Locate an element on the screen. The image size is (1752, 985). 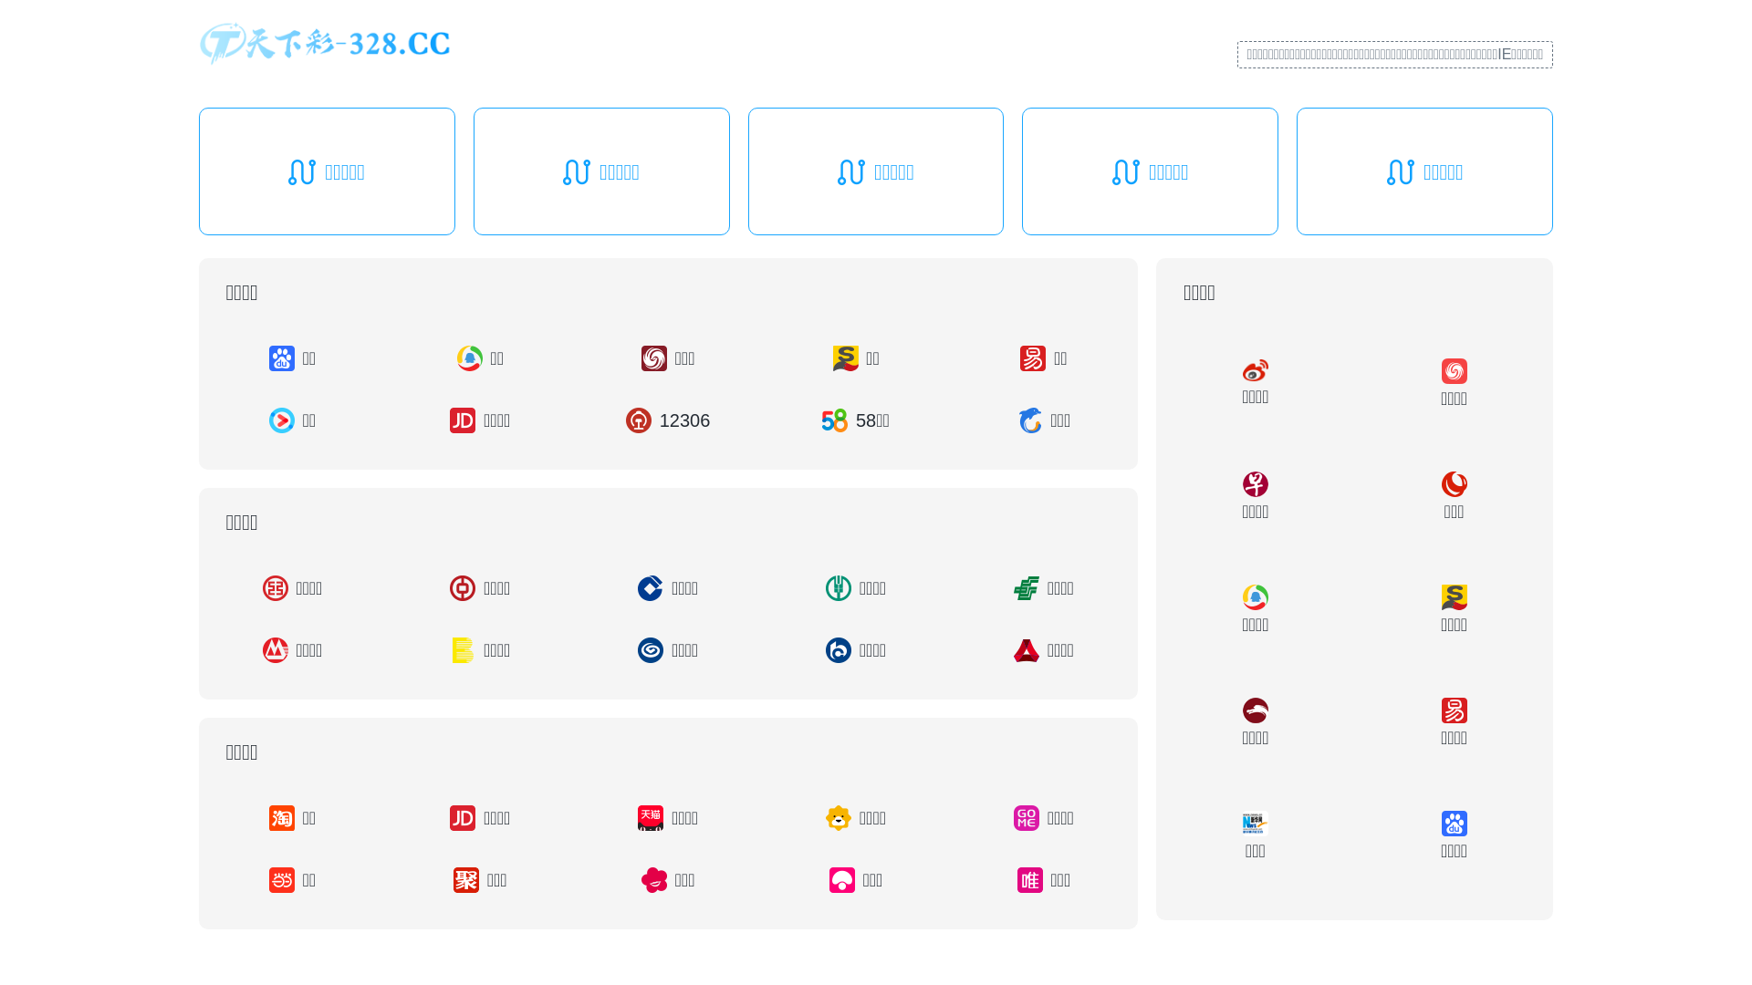
'12306' is located at coordinates (666, 420).